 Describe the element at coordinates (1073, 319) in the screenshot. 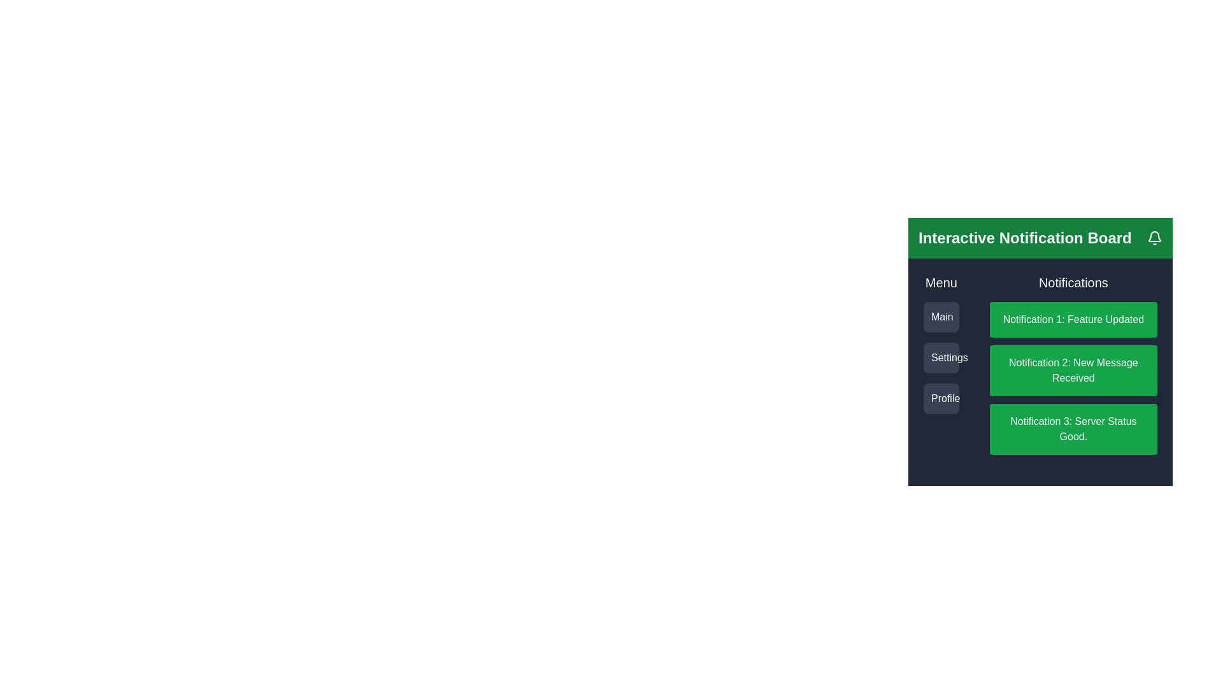

I see `the Static information box titled 'Notification 1: Feature Updated'` at that location.